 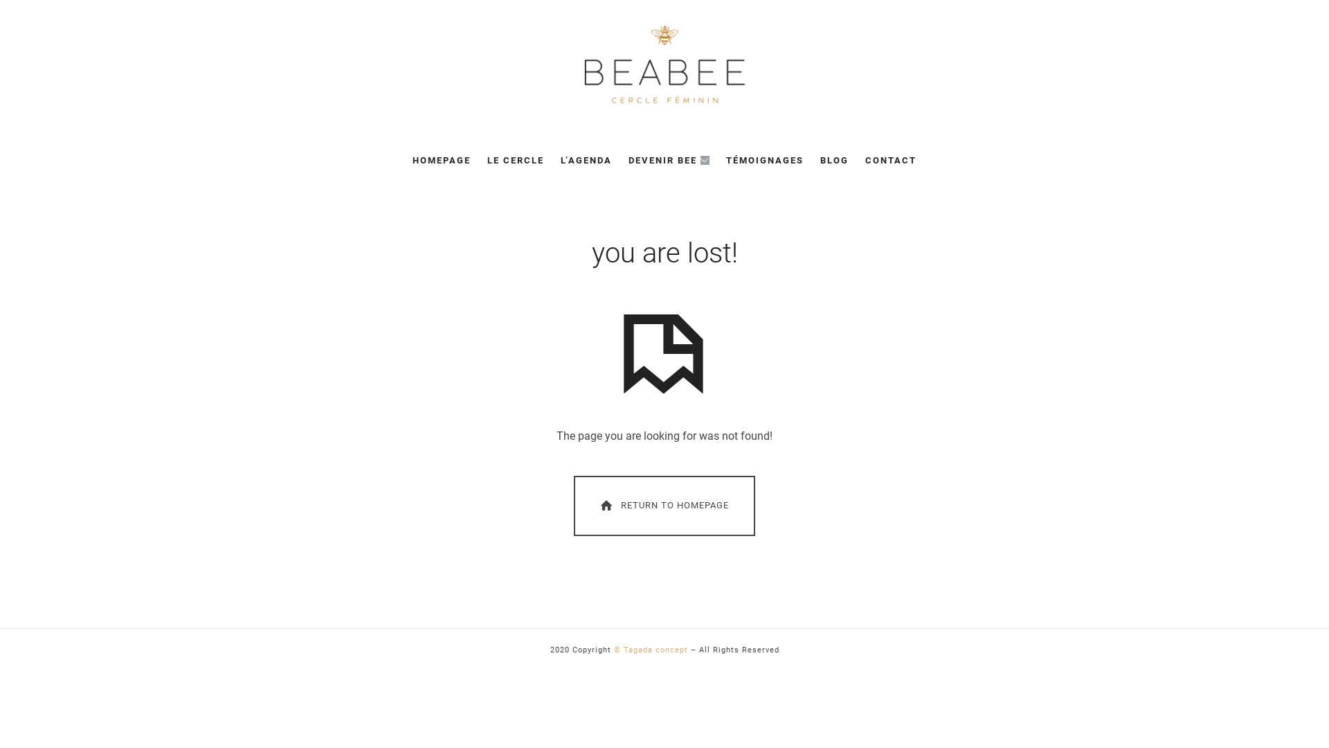 What do you see at coordinates (864, 159) in the screenshot?
I see `'CONTACT'` at bounding box center [864, 159].